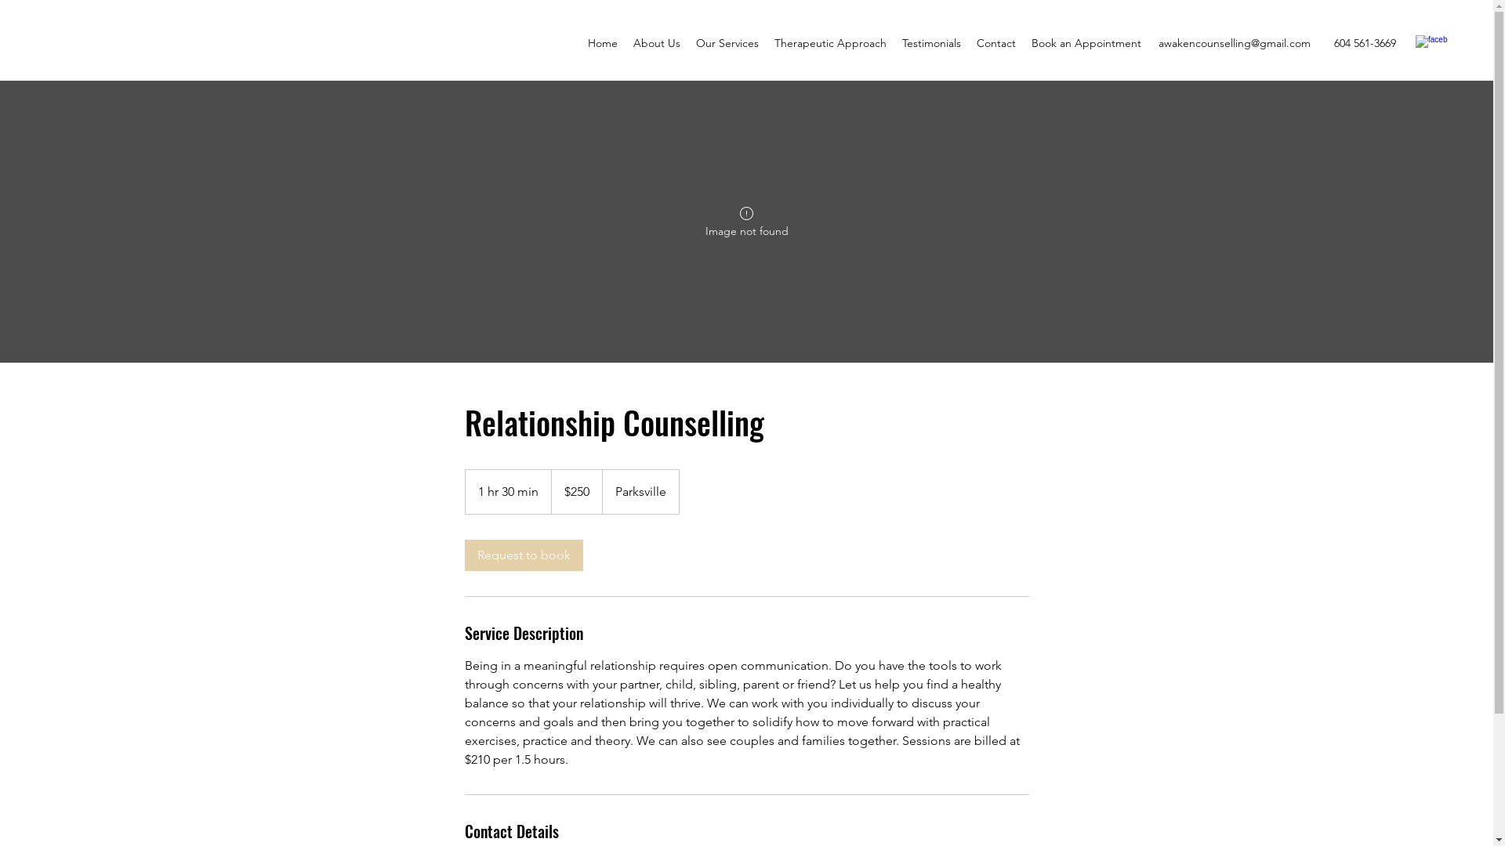  I want to click on 'Request to book', so click(462, 555).